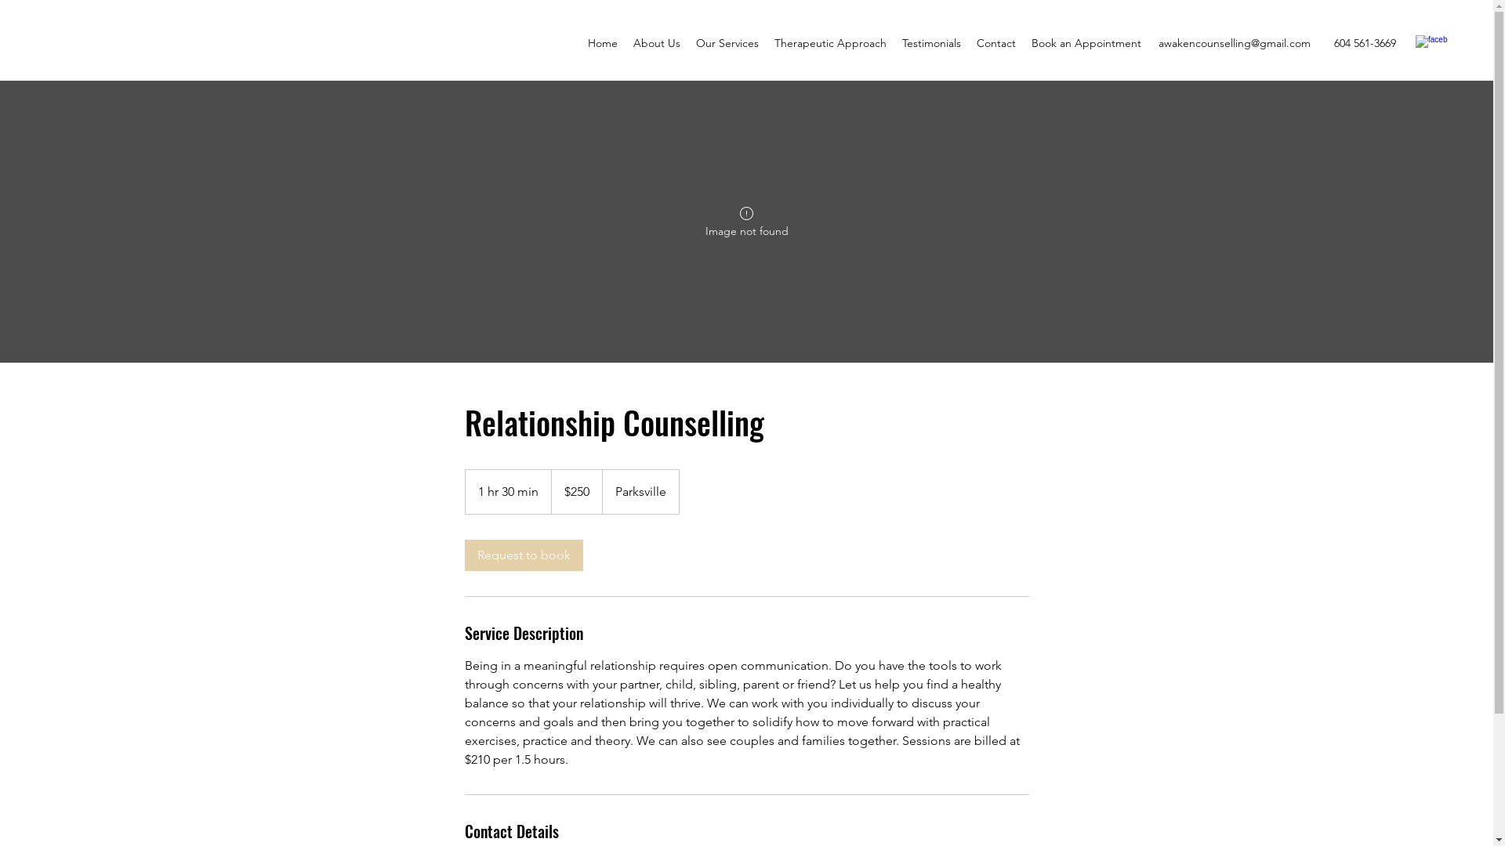  I want to click on 'Request to book', so click(462, 555).